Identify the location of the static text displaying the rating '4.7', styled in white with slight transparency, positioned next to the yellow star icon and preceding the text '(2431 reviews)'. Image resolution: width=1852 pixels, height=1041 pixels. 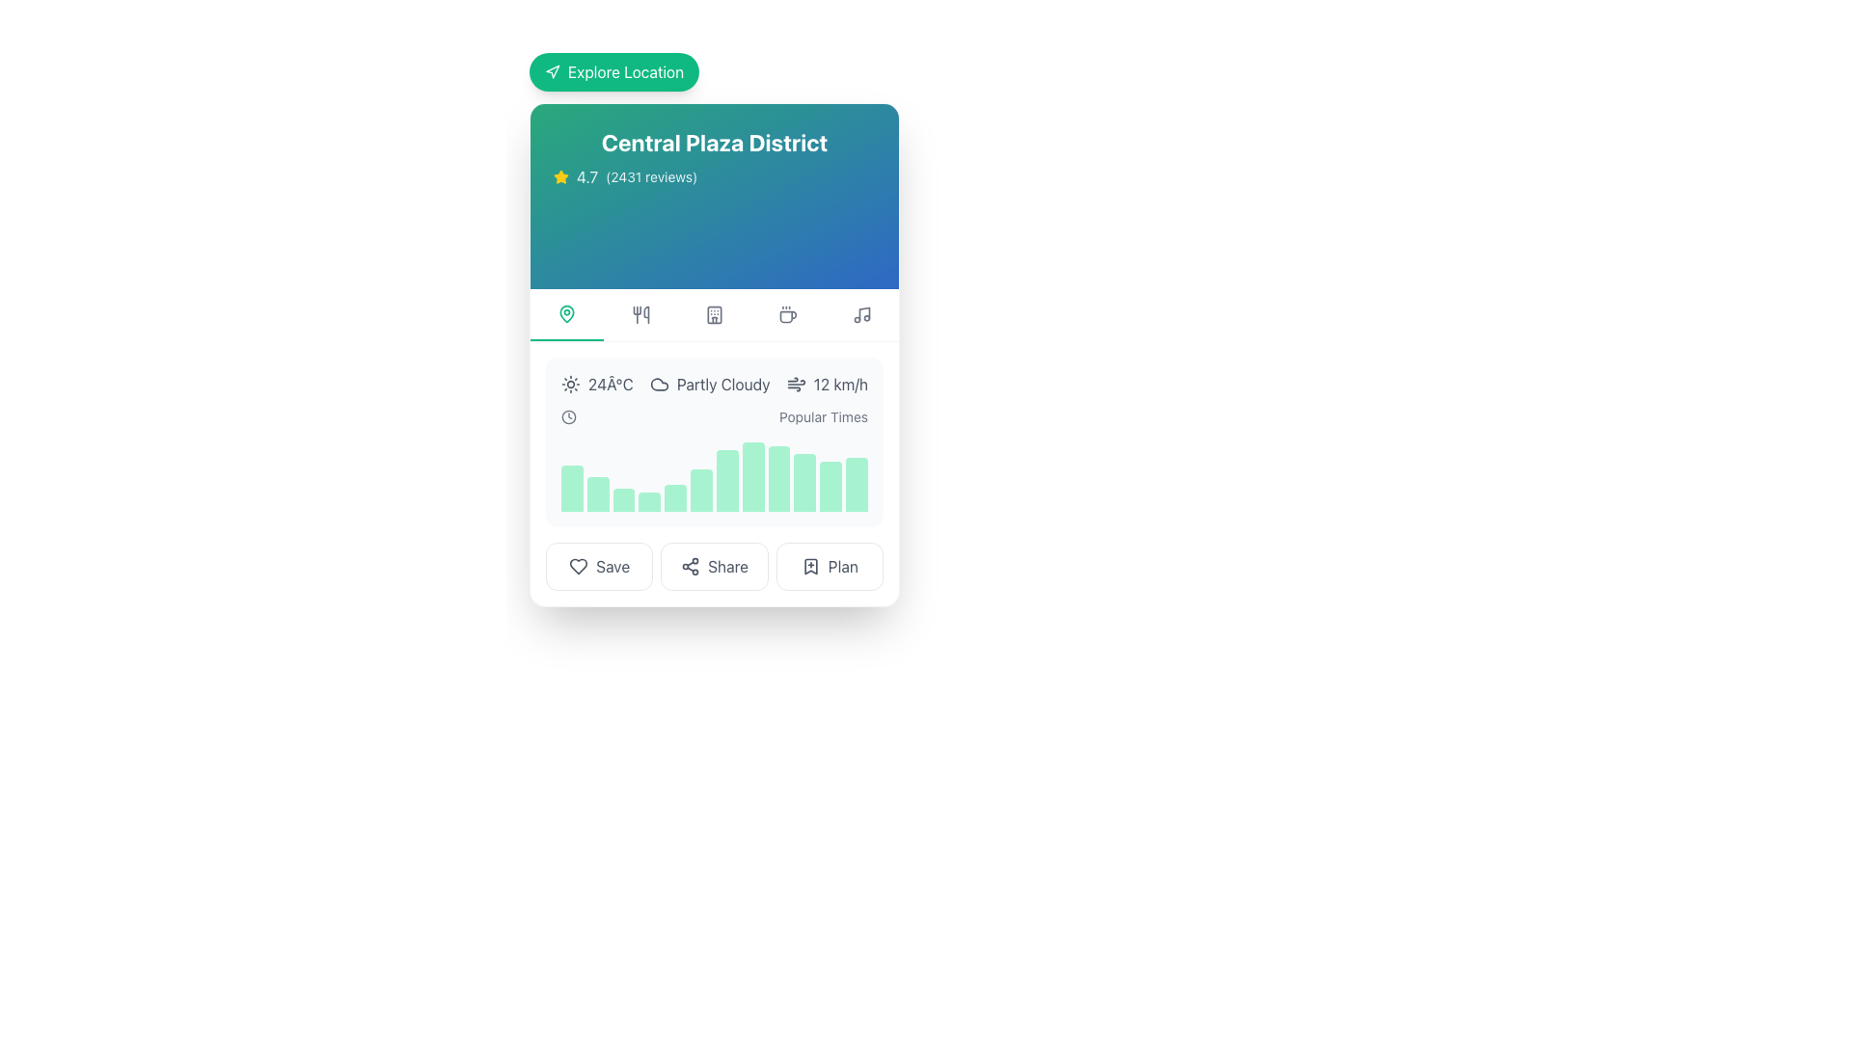
(586, 177).